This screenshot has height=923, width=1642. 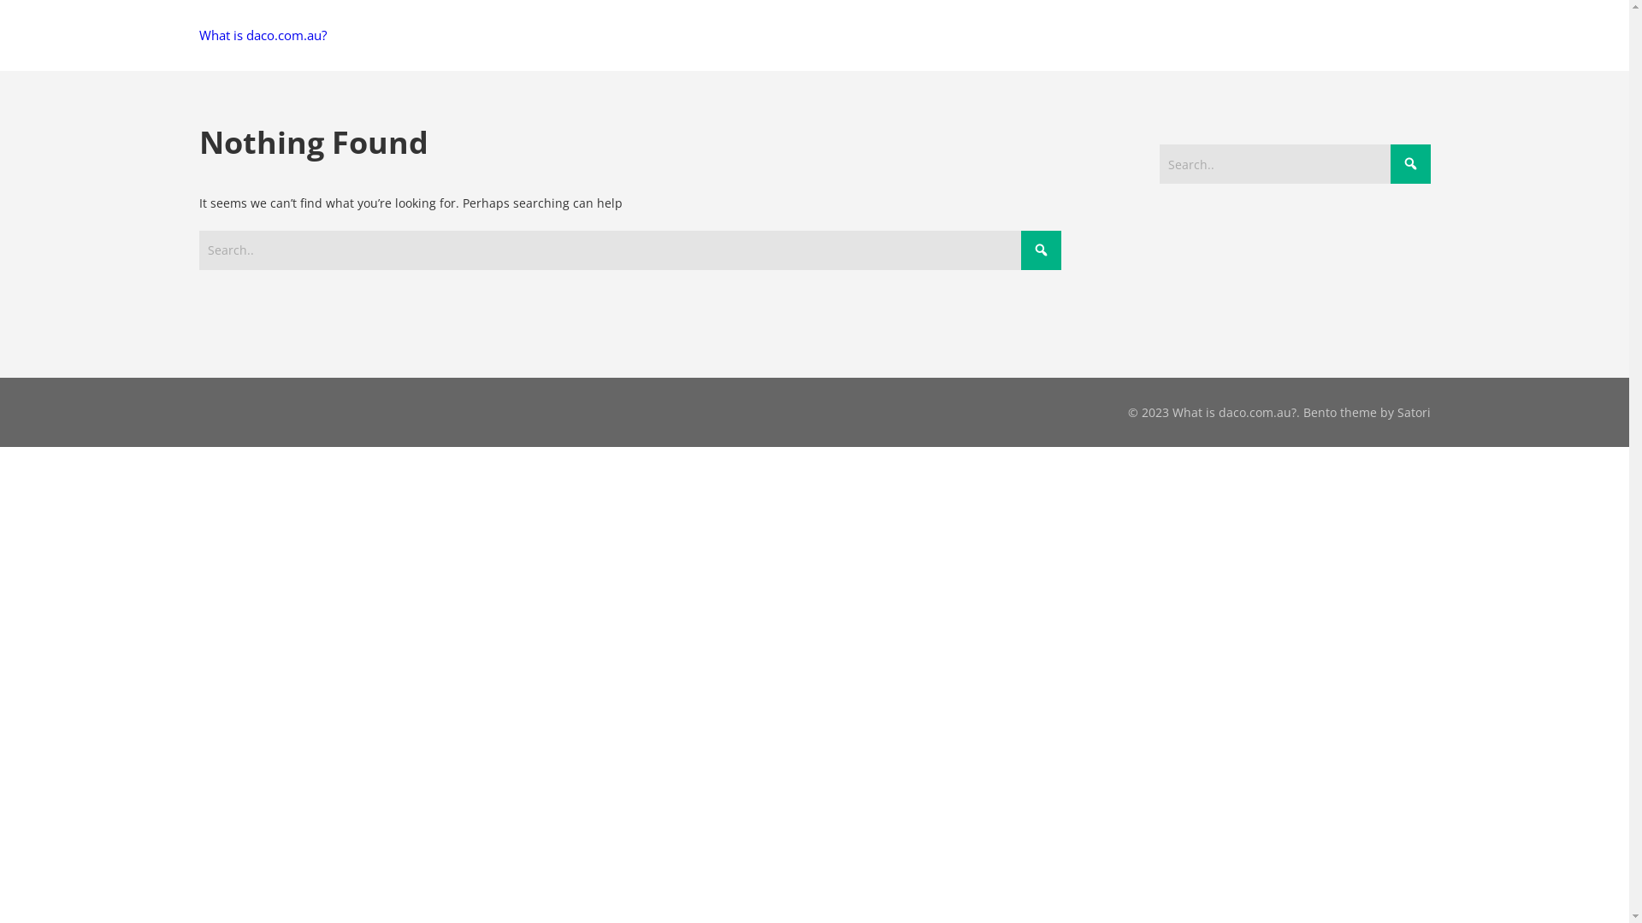 What do you see at coordinates (261, 35) in the screenshot?
I see `'What is daco.com.au?'` at bounding box center [261, 35].